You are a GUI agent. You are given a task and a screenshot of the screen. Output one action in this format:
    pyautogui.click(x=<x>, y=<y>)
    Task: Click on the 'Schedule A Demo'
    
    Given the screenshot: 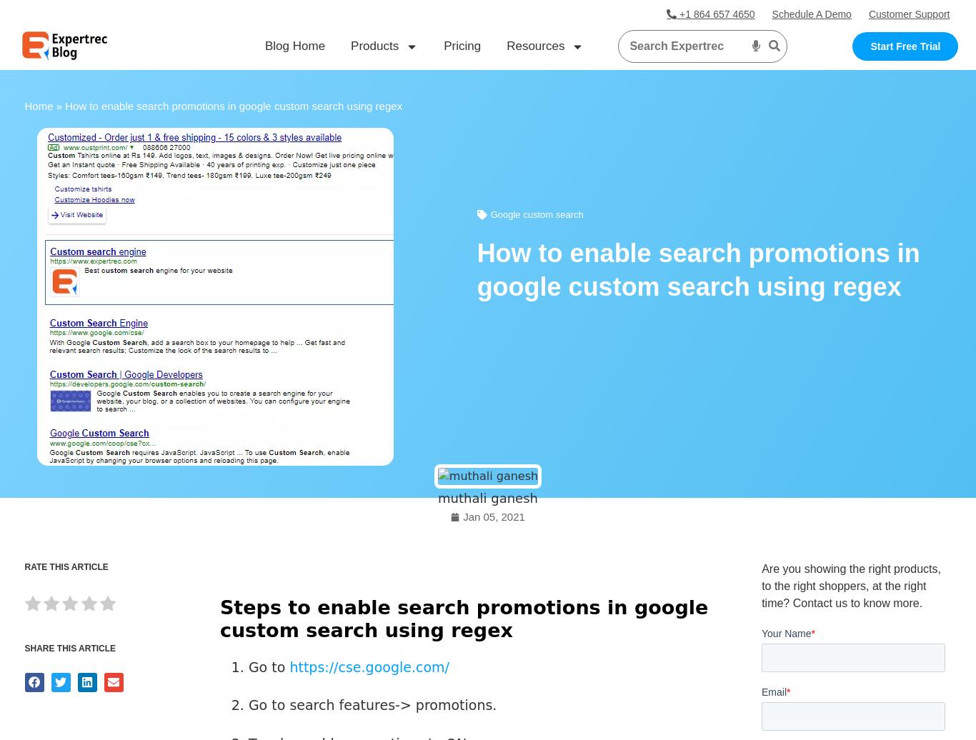 What is the action you would take?
    pyautogui.click(x=810, y=14)
    